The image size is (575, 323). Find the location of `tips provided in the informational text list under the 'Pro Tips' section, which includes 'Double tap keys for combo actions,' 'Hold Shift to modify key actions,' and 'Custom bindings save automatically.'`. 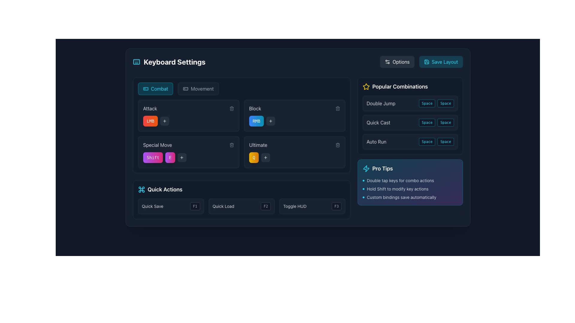

tips provided in the informational text list under the 'Pro Tips' section, which includes 'Double tap keys for combo actions,' 'Hold Shift to modify key actions,' and 'Custom bindings save automatically.' is located at coordinates (410, 189).